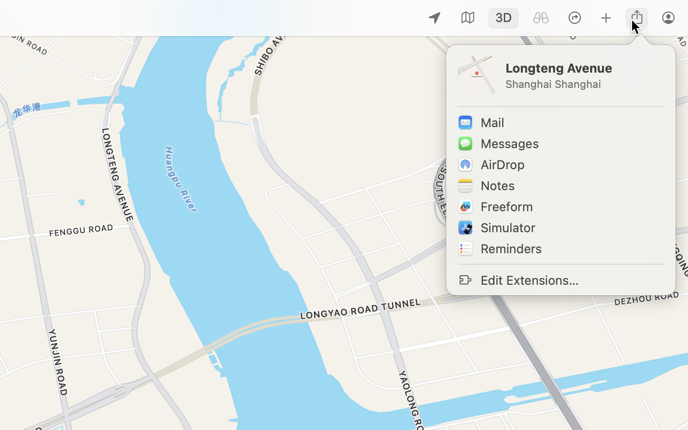 The height and width of the screenshot is (430, 688). What do you see at coordinates (540, 17) in the screenshot?
I see `'0'` at bounding box center [540, 17].